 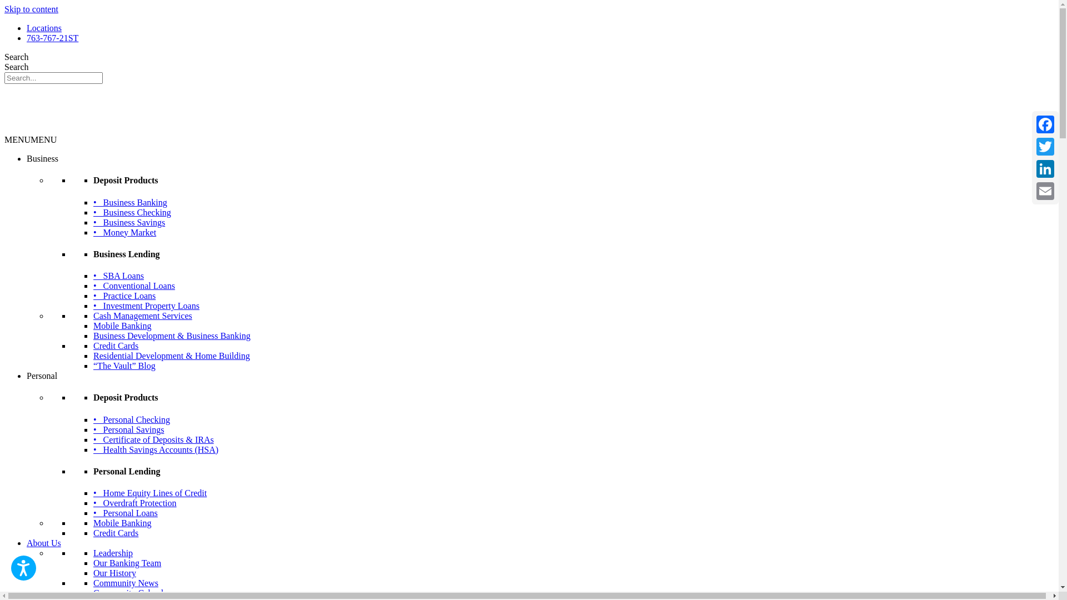 I want to click on 'Community Calendar', so click(x=93, y=592).